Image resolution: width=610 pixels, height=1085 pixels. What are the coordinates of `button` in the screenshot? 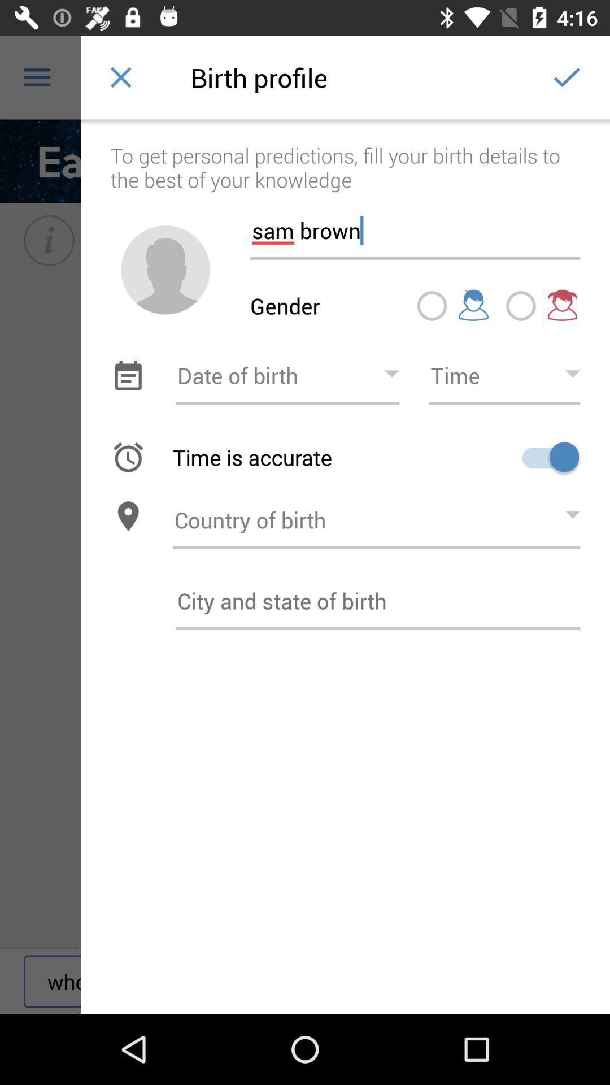 It's located at (432, 306).